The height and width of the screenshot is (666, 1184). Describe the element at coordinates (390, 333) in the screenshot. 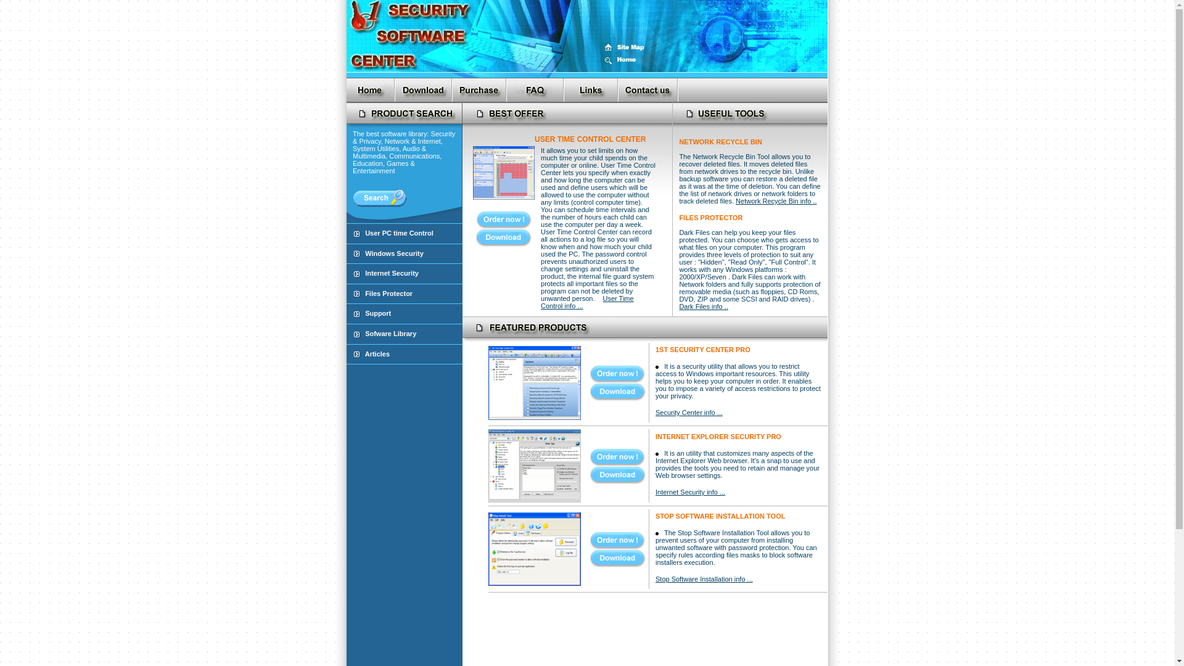

I see `'Sofware Library'` at that location.